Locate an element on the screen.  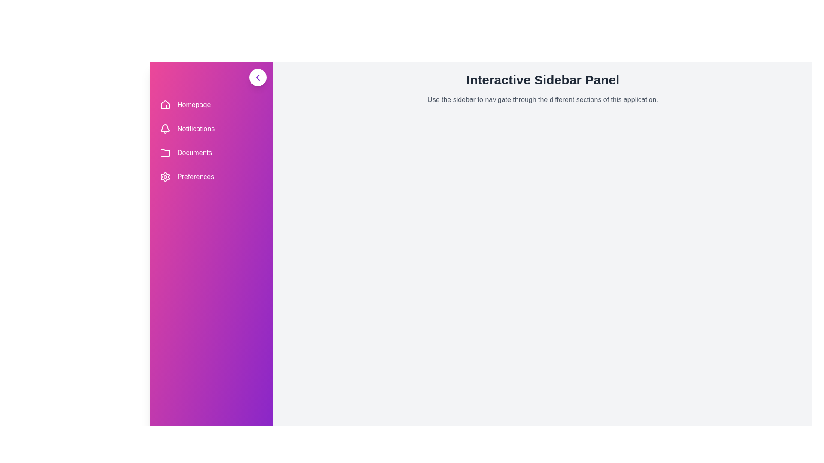
the sidebar menu item Homepage is located at coordinates (212, 105).